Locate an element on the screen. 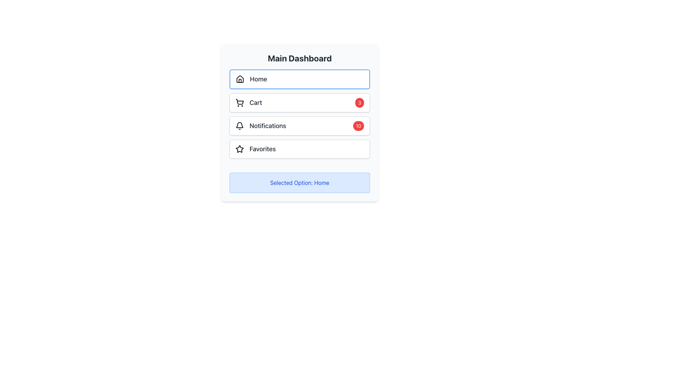 The height and width of the screenshot is (379, 674). numerical value displayed on the badge indicating 10 notifications, located at the right edge of the 'Notifications' row in the sidebar is located at coordinates (358, 125).